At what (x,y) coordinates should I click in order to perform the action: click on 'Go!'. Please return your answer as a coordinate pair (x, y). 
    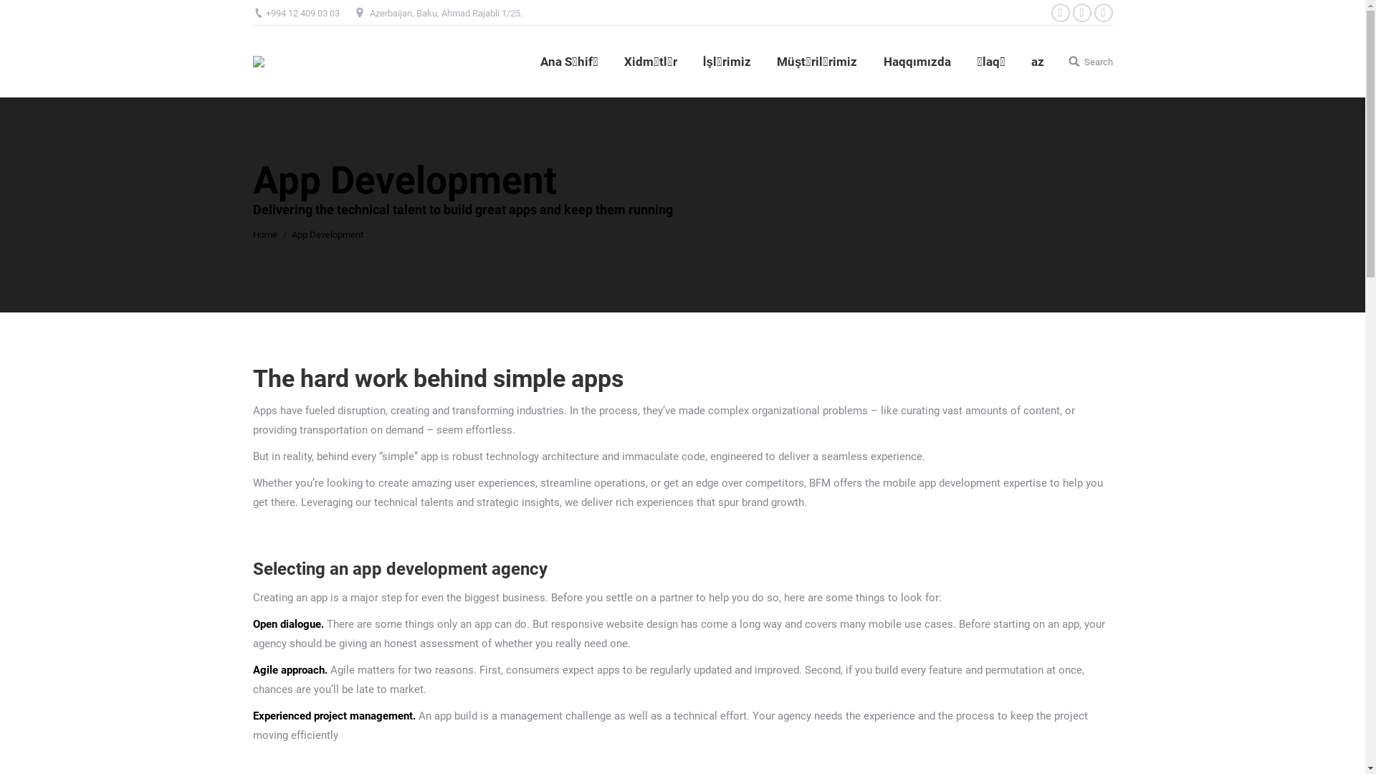
    Looking at the image, I should click on (20, 14).